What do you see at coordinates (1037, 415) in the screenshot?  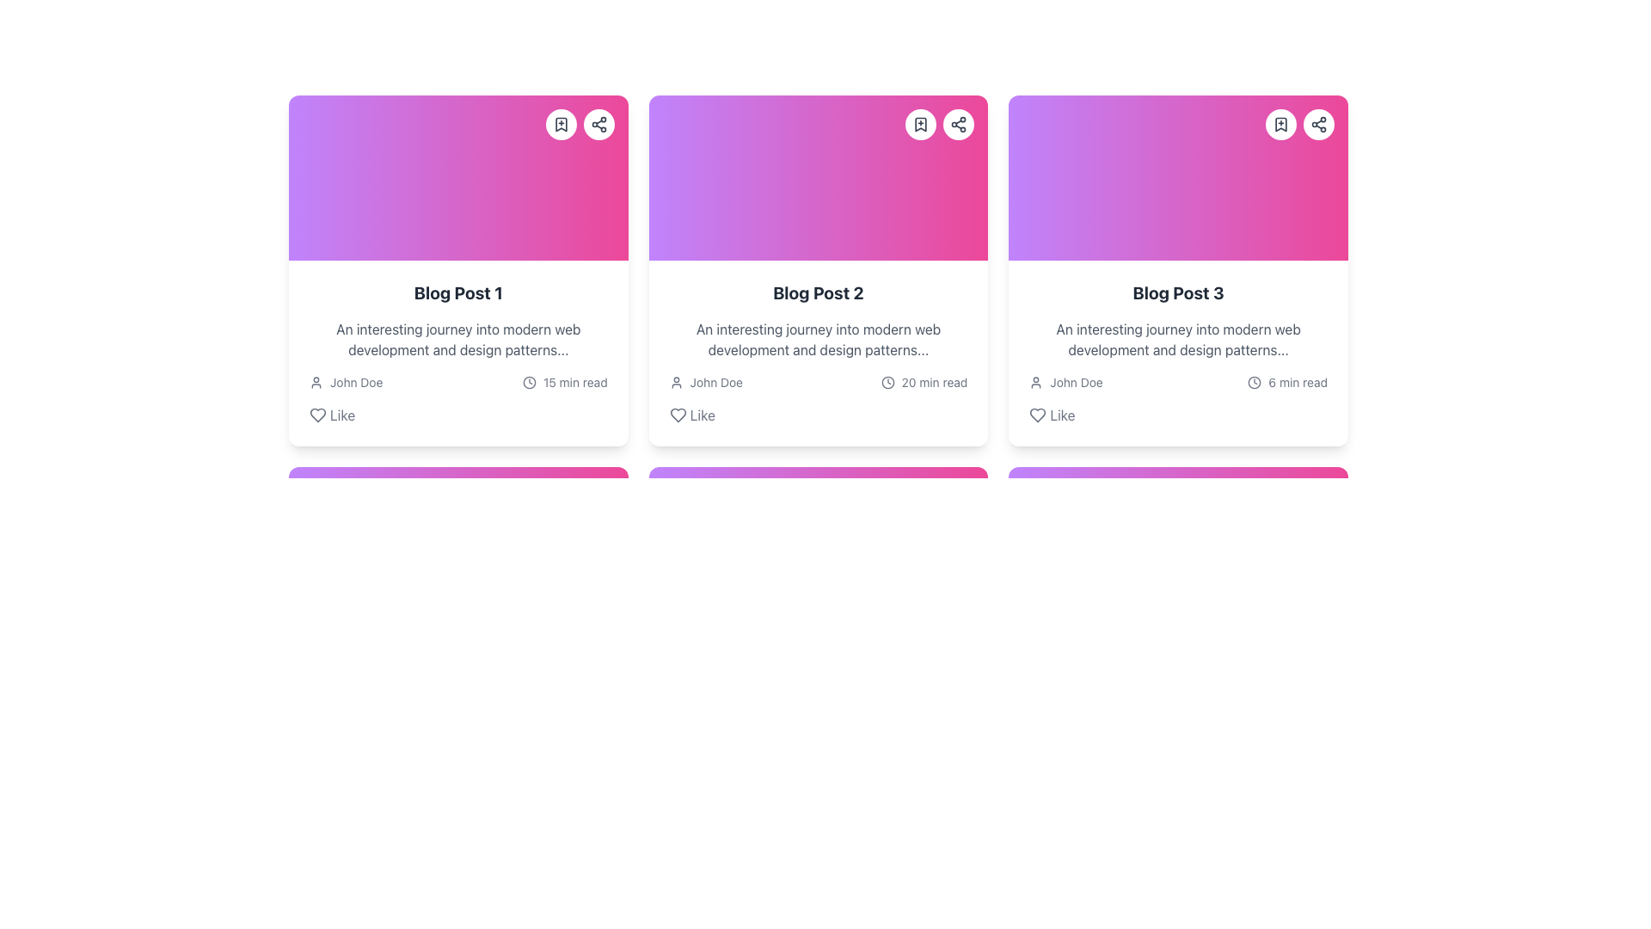 I see `the heart icon located at the bottom left corner of the 'Blog Post 3' card to like or unlike the post` at bounding box center [1037, 415].